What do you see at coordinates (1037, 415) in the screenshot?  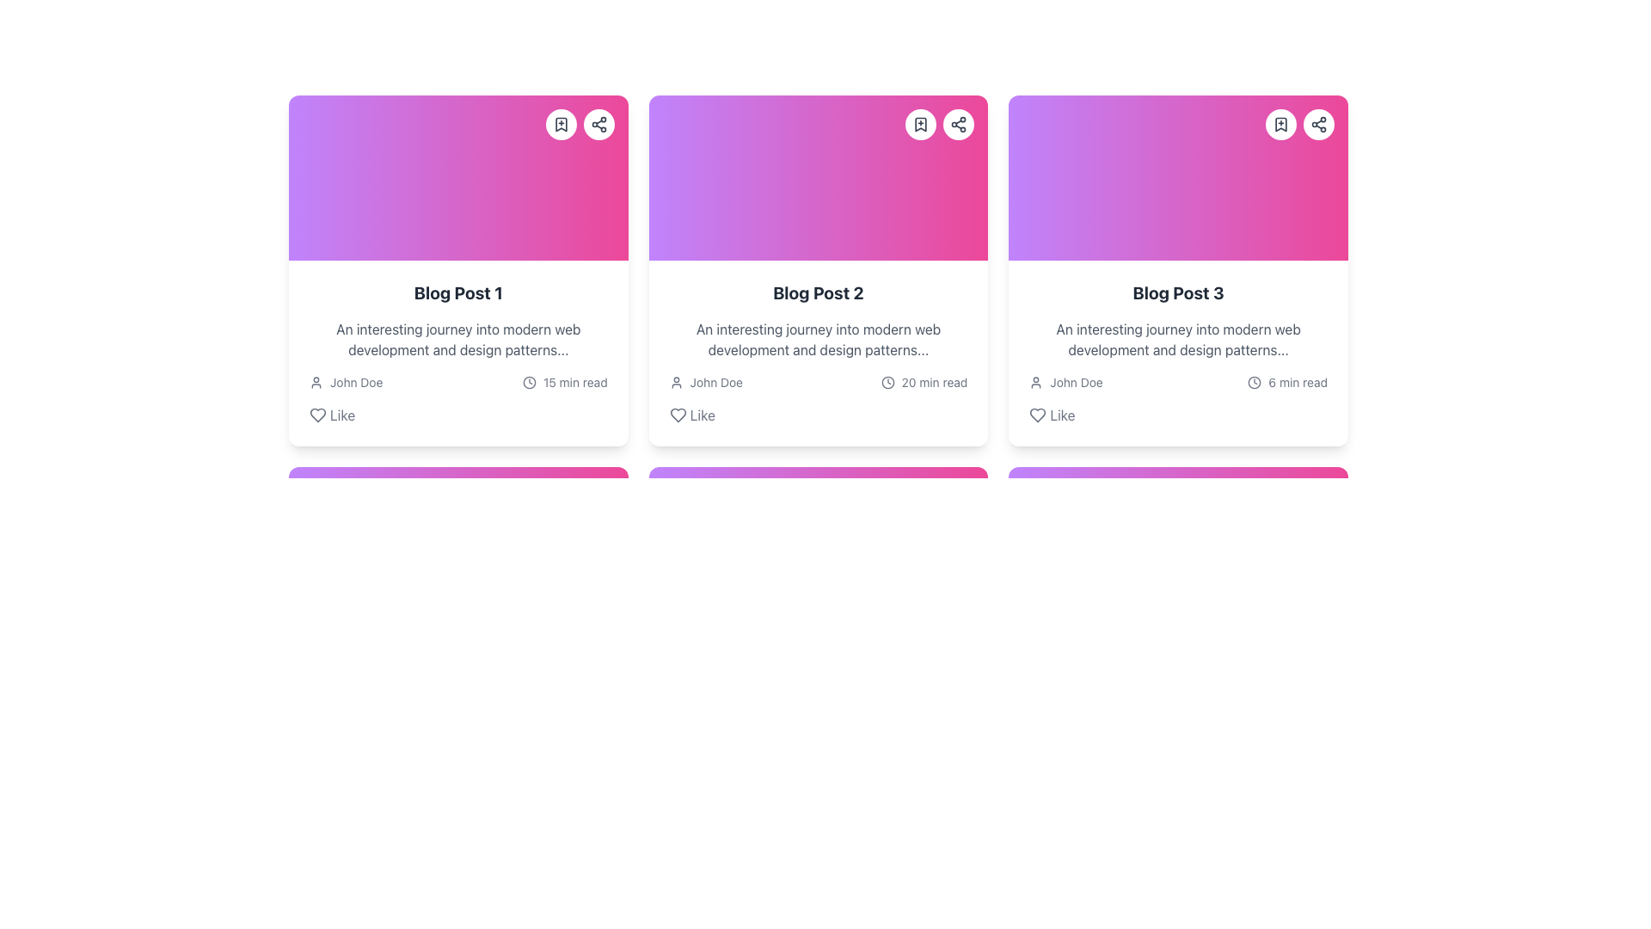 I see `the heart icon located at the bottom left corner of the 'Blog Post 3' card to like or unlike the post` at bounding box center [1037, 415].